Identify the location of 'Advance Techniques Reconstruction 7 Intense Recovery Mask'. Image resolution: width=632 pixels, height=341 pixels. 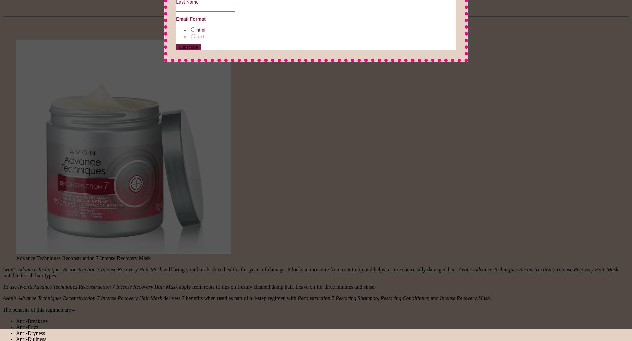
(83, 258).